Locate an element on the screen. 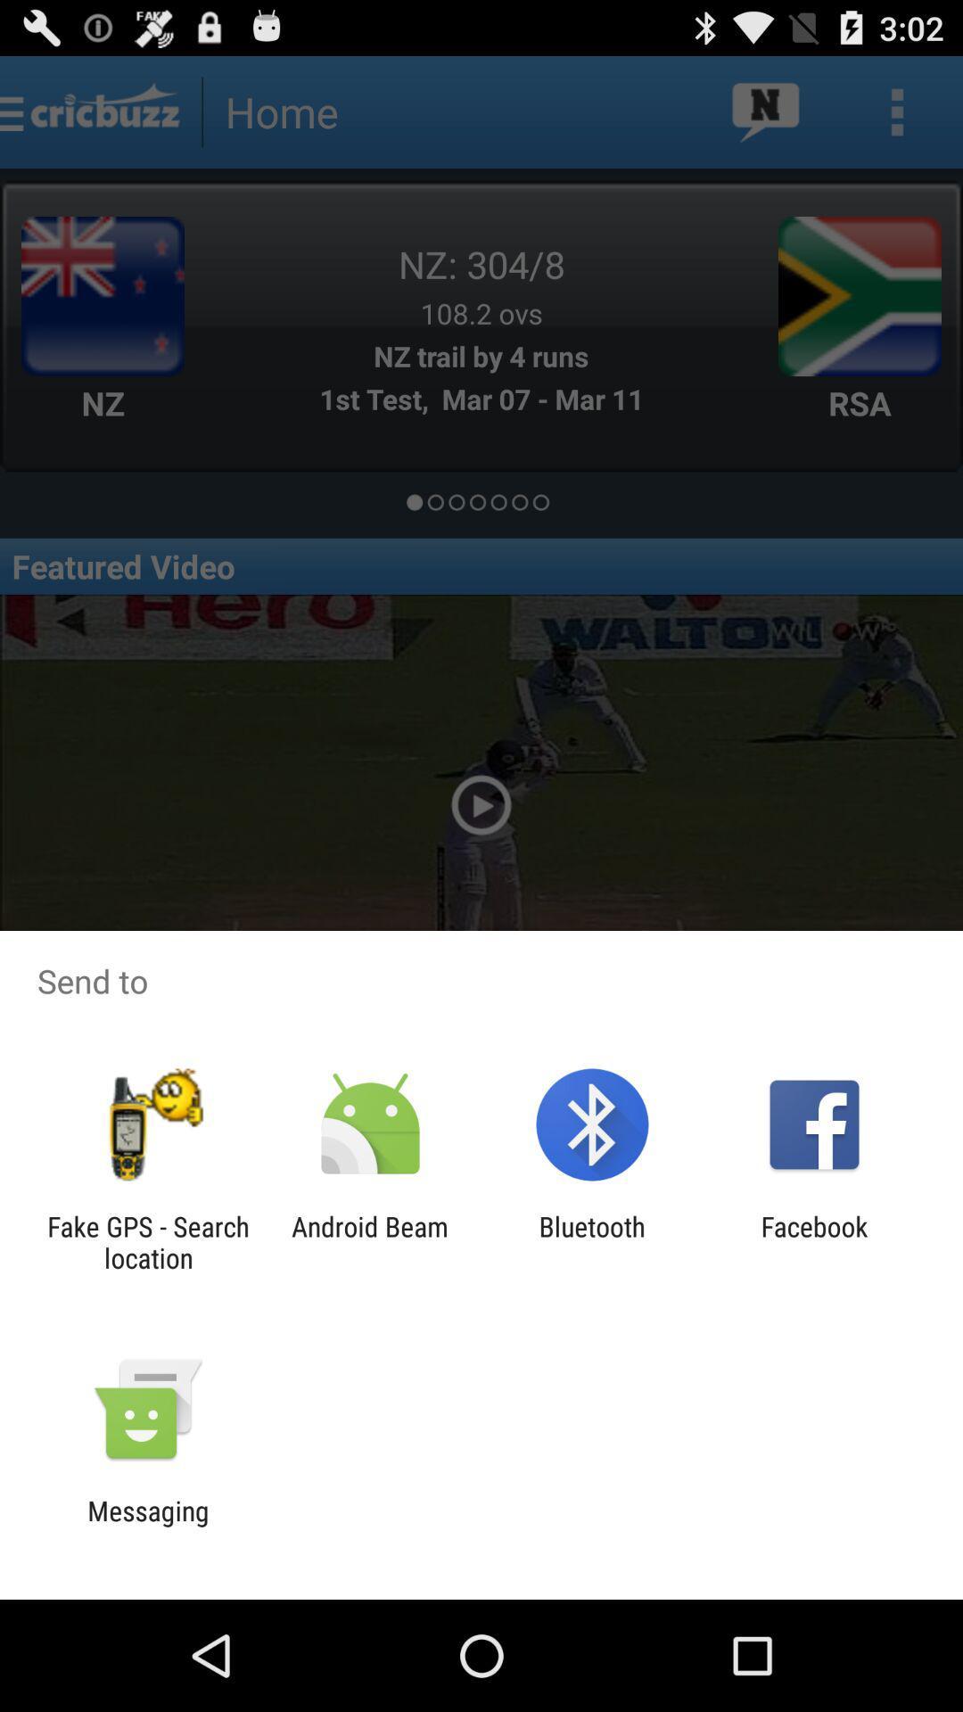  the app next to the fake gps search item is located at coordinates (369, 1241).